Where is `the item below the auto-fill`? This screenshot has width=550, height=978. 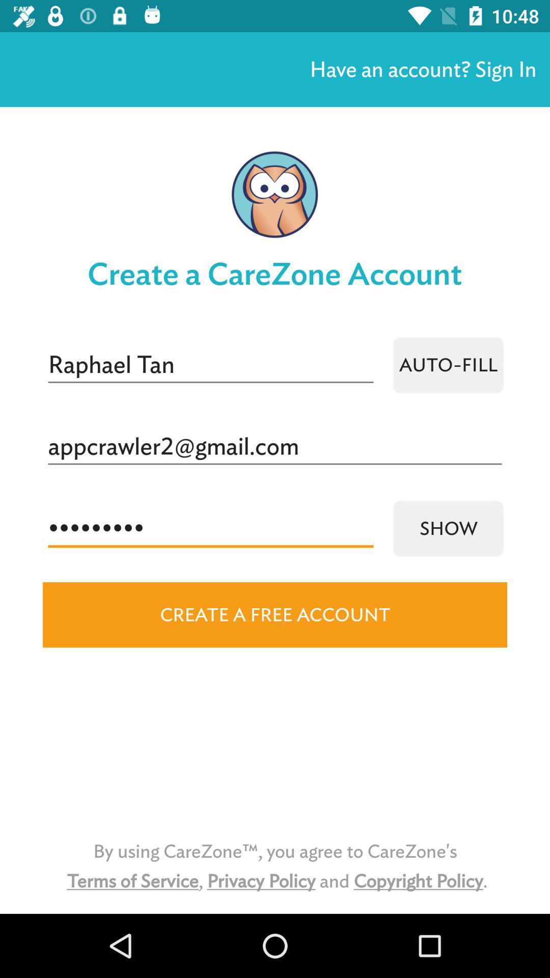
the item below the auto-fill is located at coordinates (275, 447).